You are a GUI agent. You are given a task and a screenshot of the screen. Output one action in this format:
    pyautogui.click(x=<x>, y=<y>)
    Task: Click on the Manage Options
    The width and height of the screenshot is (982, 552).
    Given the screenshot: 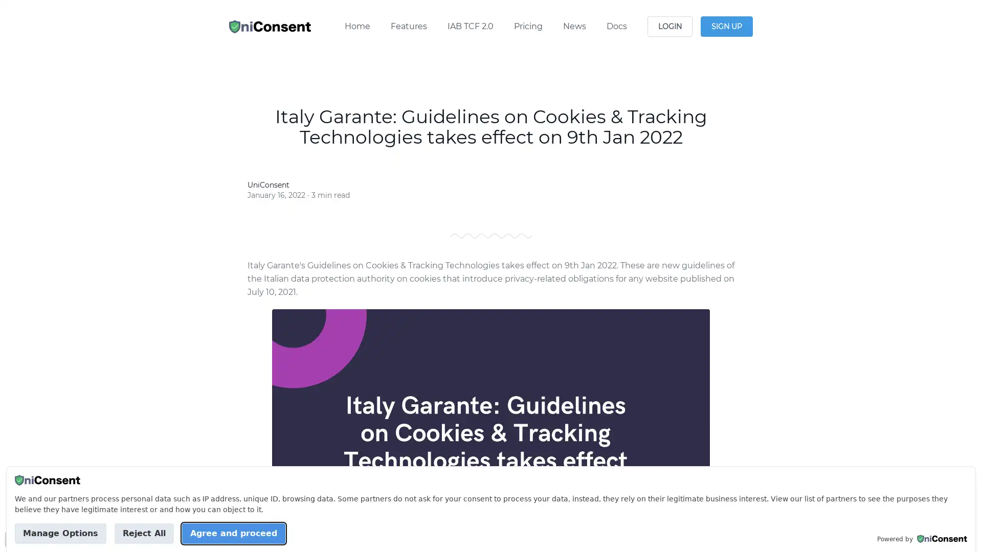 What is the action you would take?
    pyautogui.click(x=60, y=533)
    